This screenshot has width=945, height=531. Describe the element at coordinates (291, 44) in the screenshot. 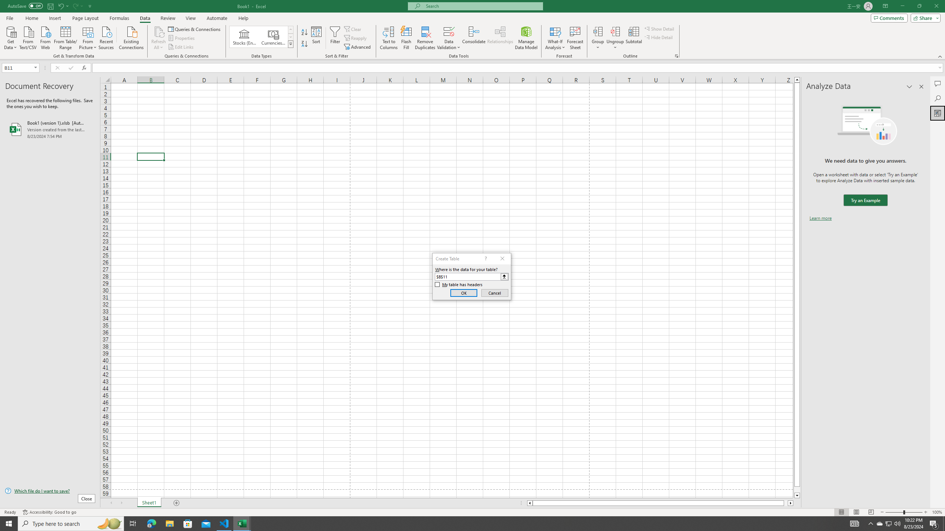

I see `'Data Types'` at that location.